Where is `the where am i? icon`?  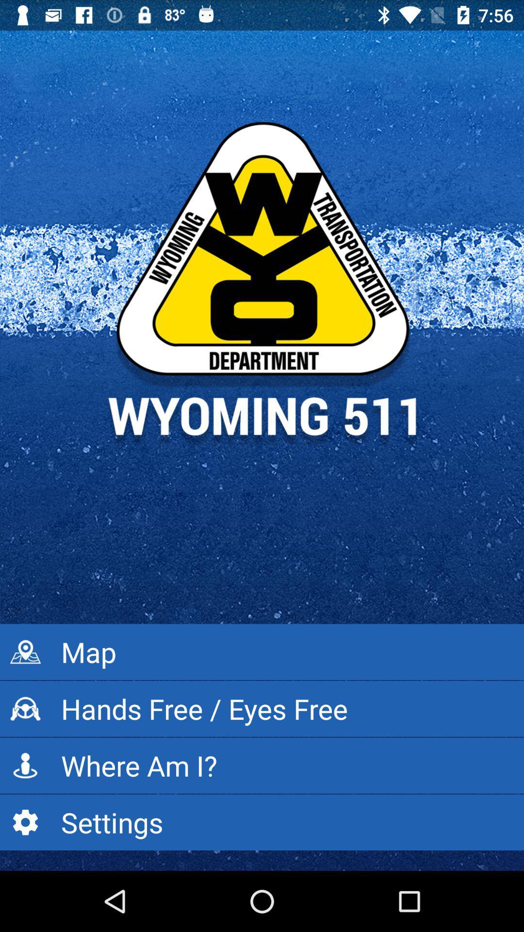
the where am i? icon is located at coordinates (262, 765).